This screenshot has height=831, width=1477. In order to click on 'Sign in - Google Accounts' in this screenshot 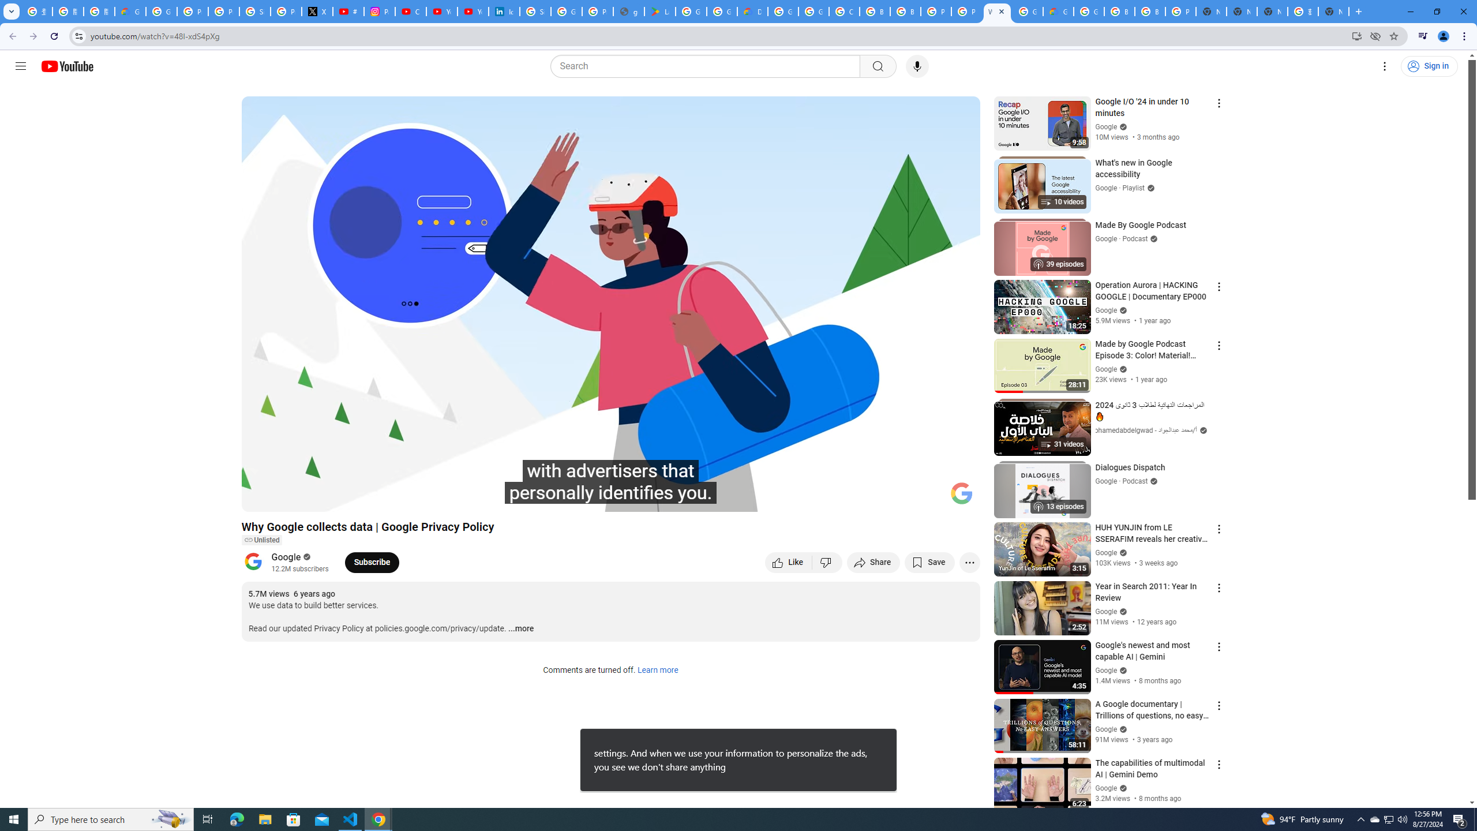, I will do `click(254, 11)`.